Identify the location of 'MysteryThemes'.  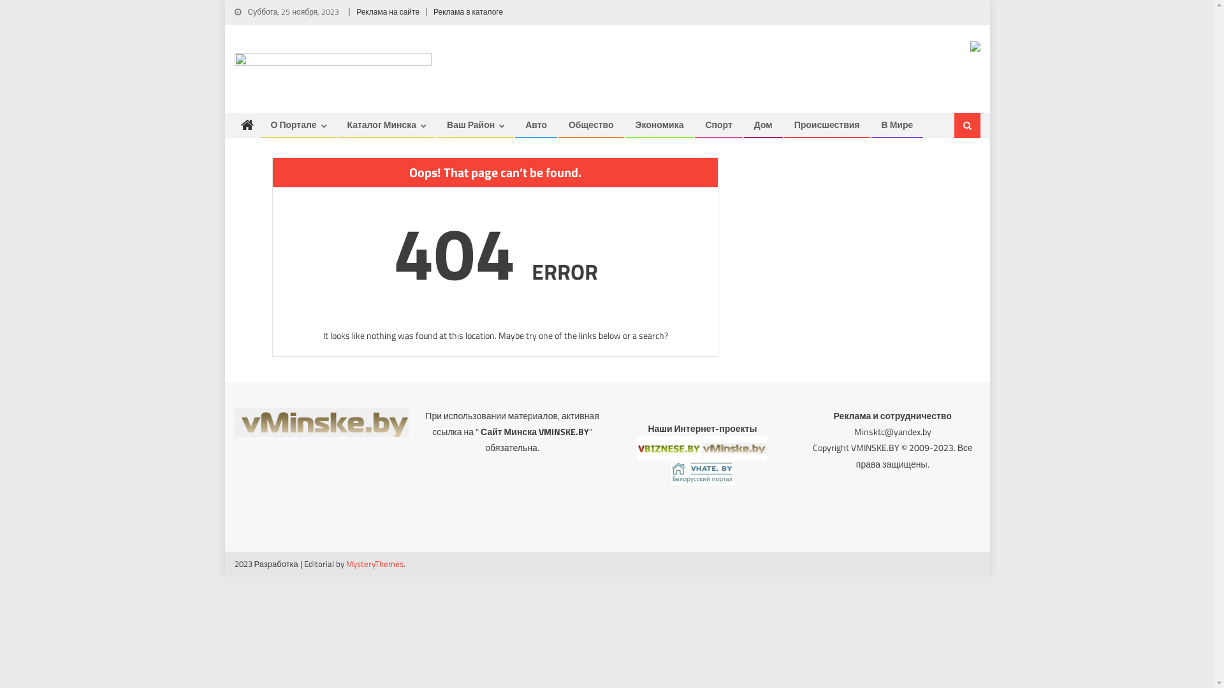
(374, 563).